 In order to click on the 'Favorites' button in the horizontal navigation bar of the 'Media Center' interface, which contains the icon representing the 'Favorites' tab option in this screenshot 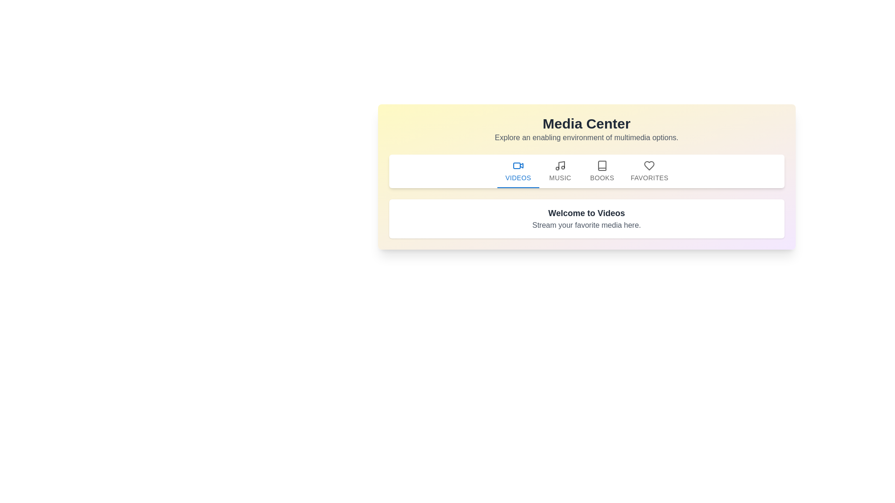, I will do `click(649, 165)`.